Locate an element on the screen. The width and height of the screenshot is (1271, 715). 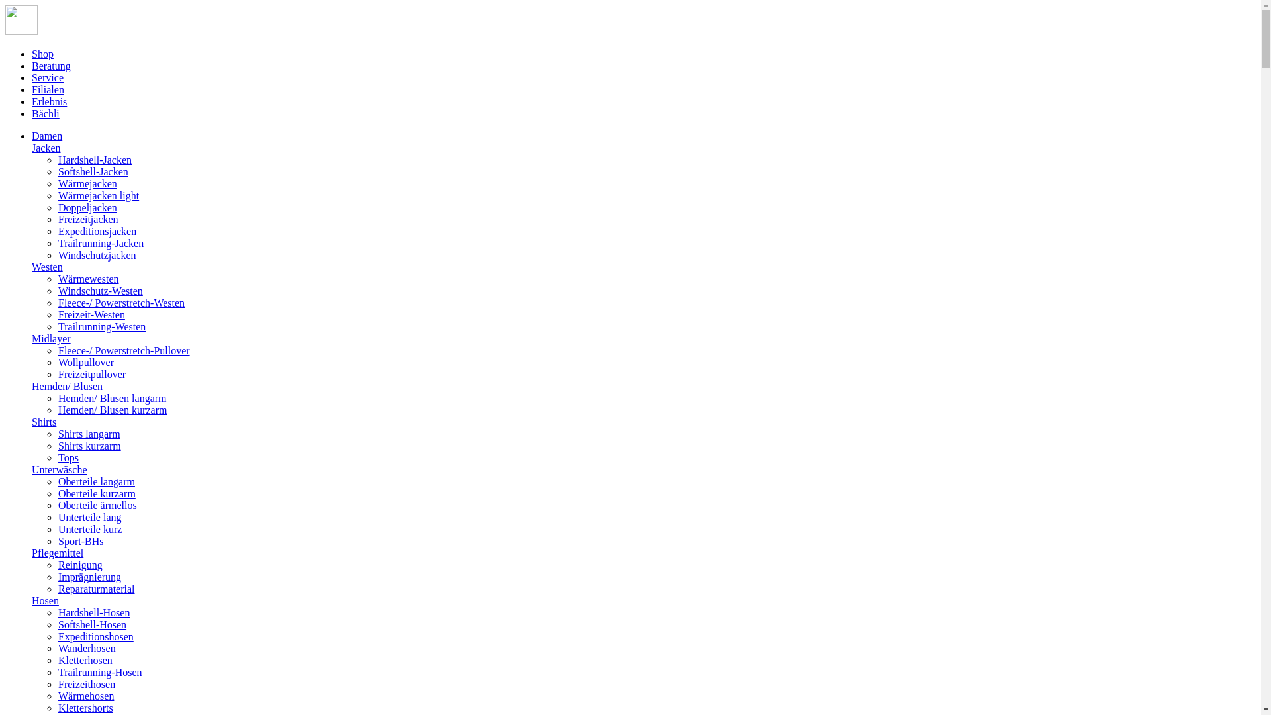
'Freizeit-Westen' is located at coordinates (91, 314).